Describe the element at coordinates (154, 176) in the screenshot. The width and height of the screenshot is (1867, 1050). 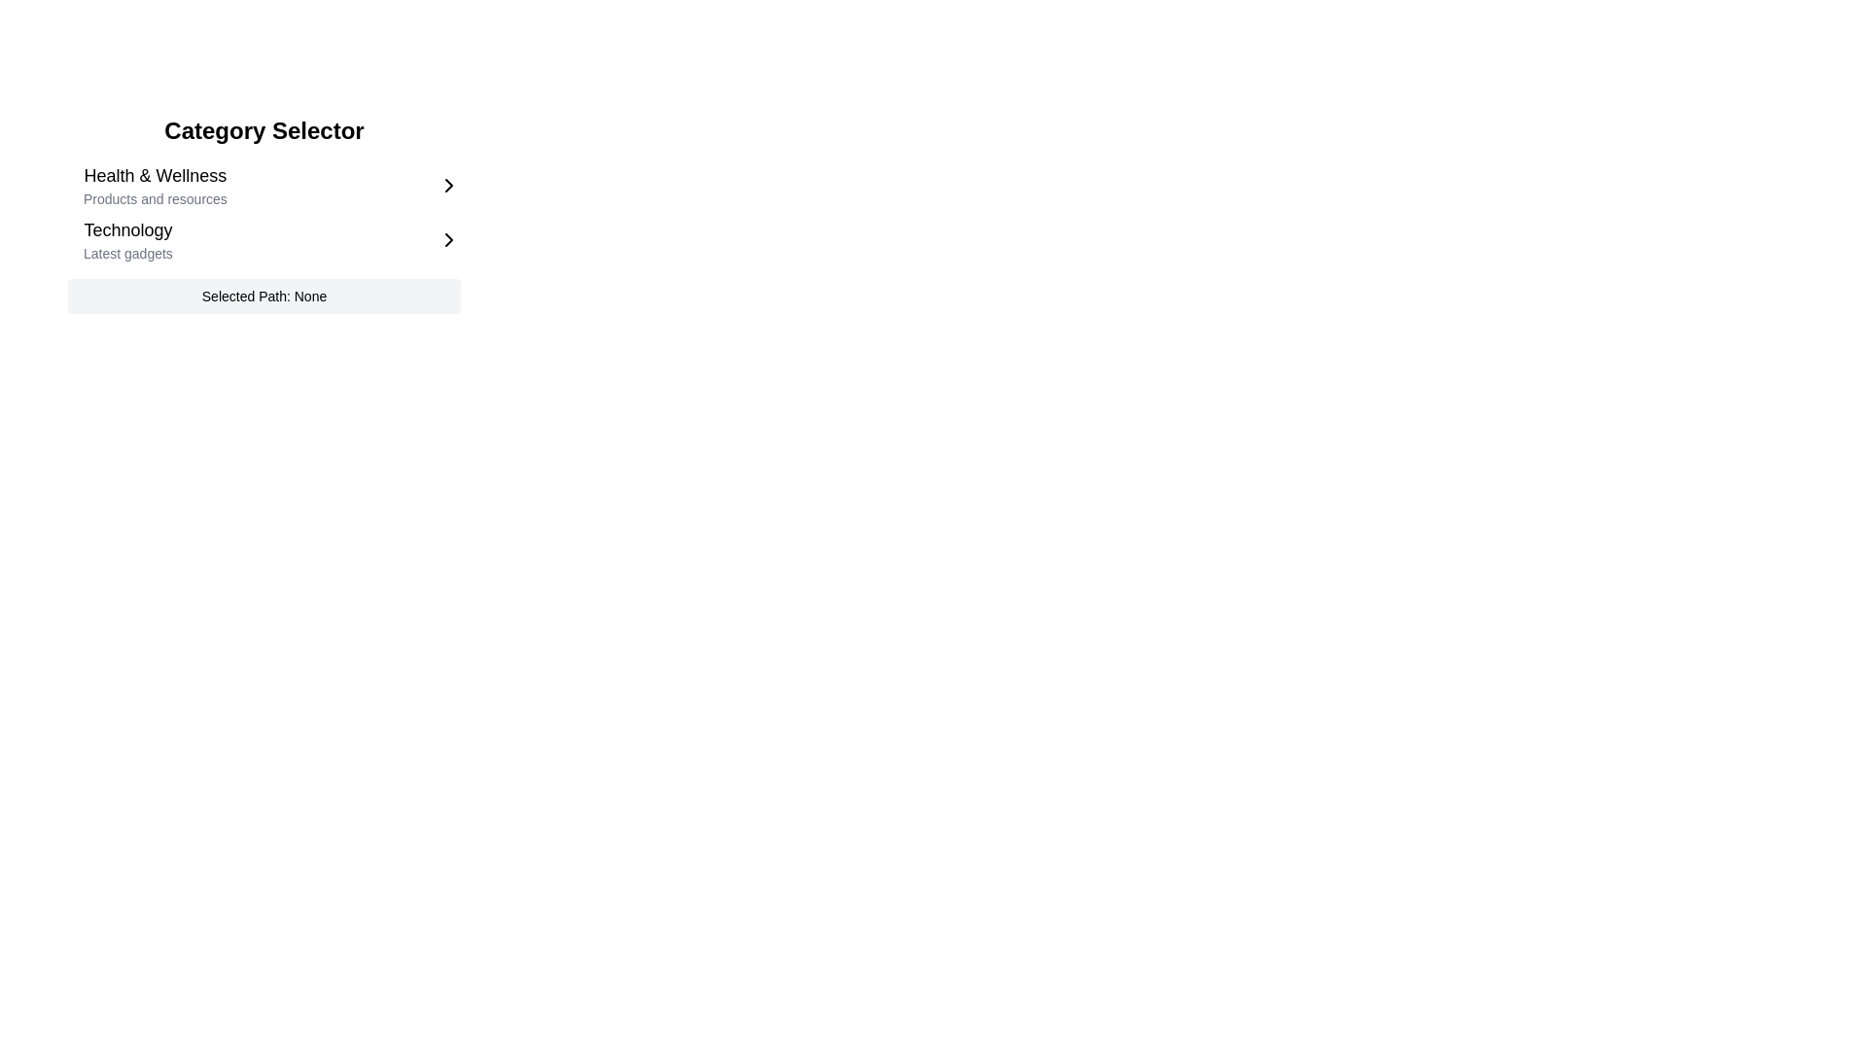
I see `title of the Label displaying 'Health & Wellness', which is styled in bold and larger font, located under the 'Category Selector' header` at that location.